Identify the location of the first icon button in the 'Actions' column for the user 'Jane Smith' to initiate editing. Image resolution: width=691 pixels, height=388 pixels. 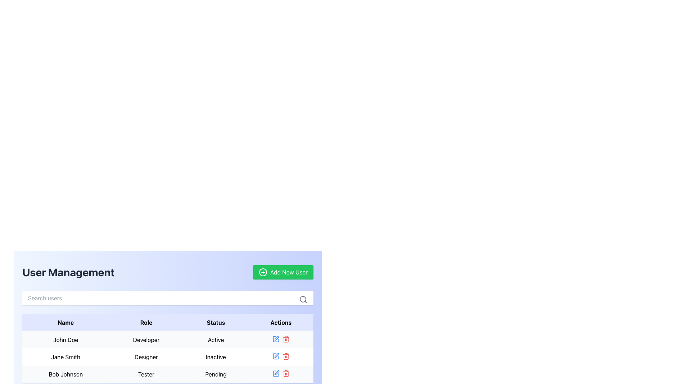
(275, 356).